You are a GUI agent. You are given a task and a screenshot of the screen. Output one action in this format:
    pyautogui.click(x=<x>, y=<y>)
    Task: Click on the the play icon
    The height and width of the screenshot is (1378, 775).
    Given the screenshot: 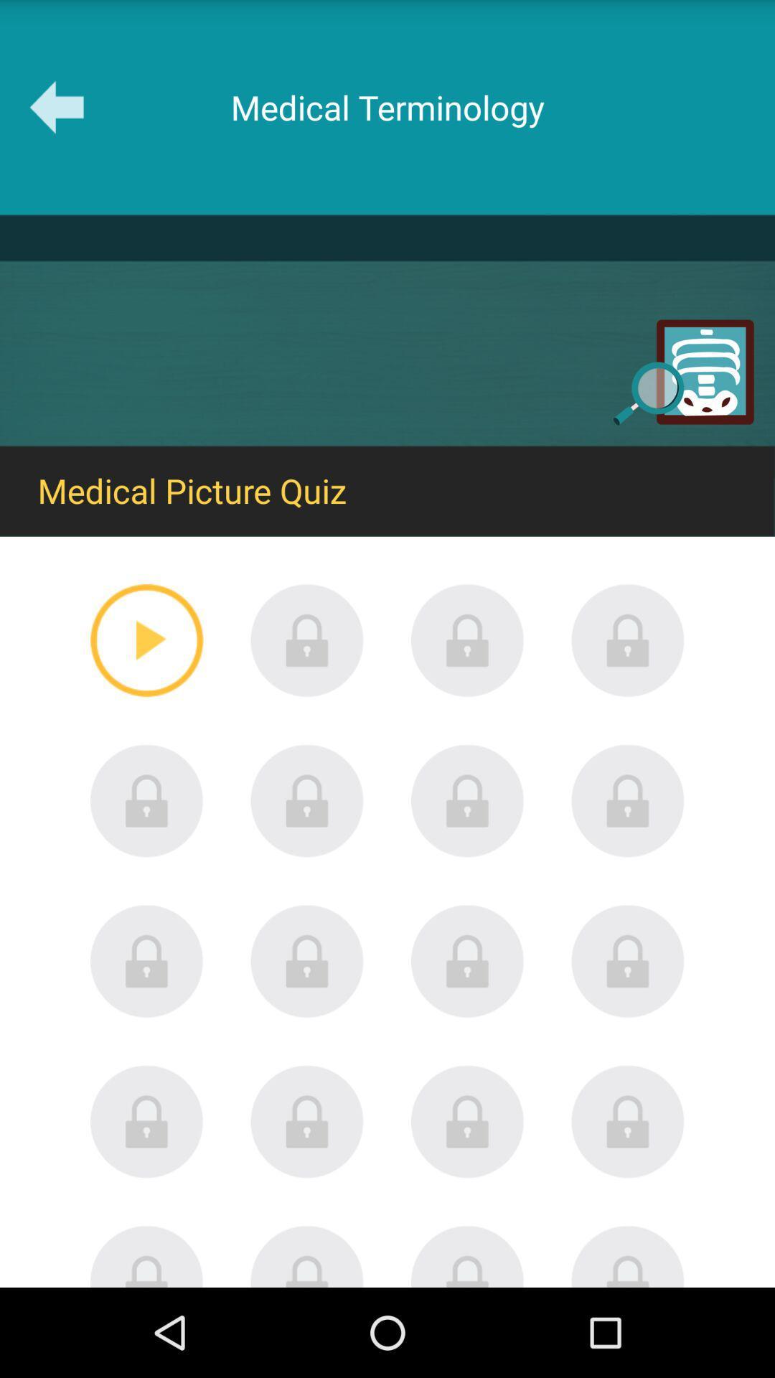 What is the action you would take?
    pyautogui.click(x=146, y=685)
    